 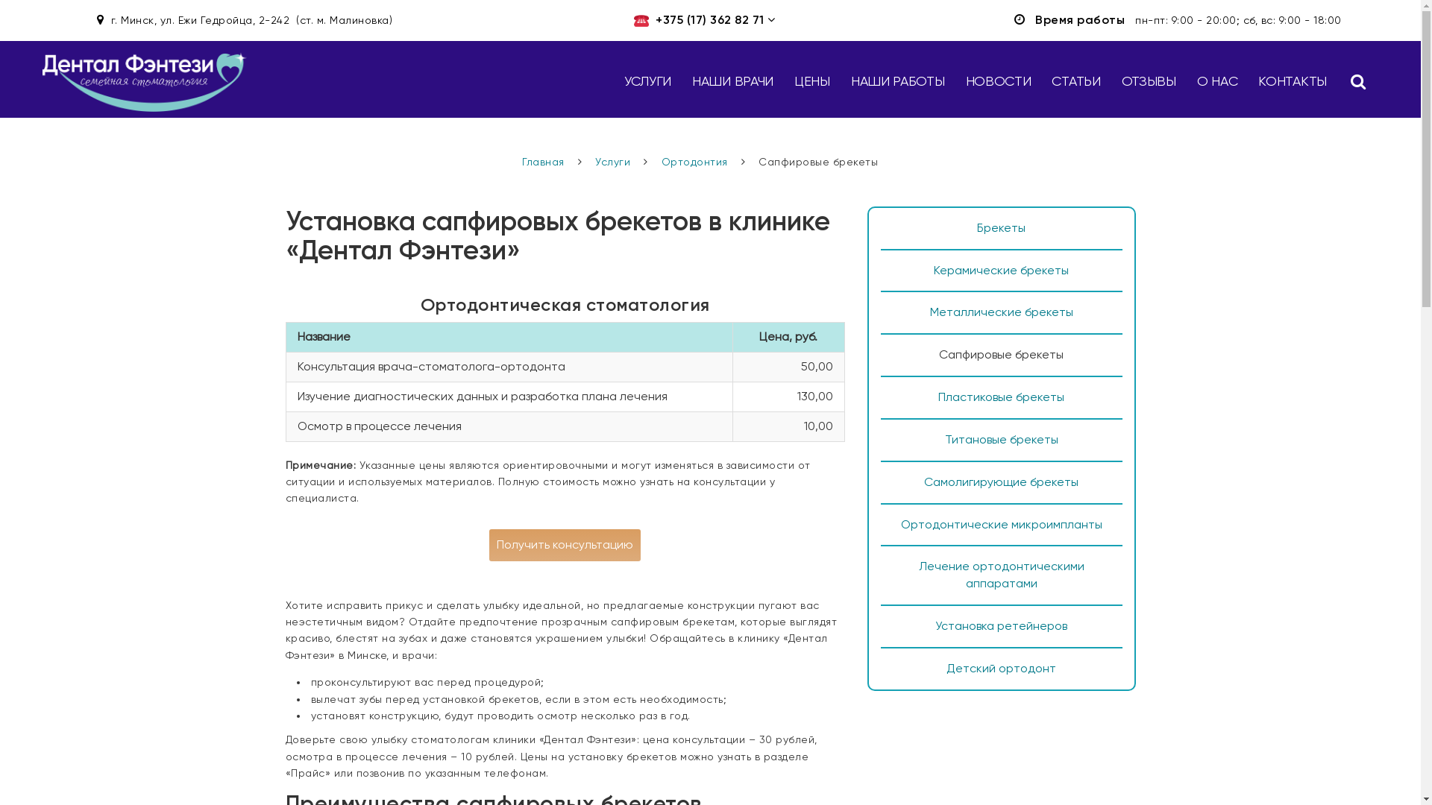 What do you see at coordinates (709, 19) in the screenshot?
I see `'+375 (17) 362 82 71'` at bounding box center [709, 19].